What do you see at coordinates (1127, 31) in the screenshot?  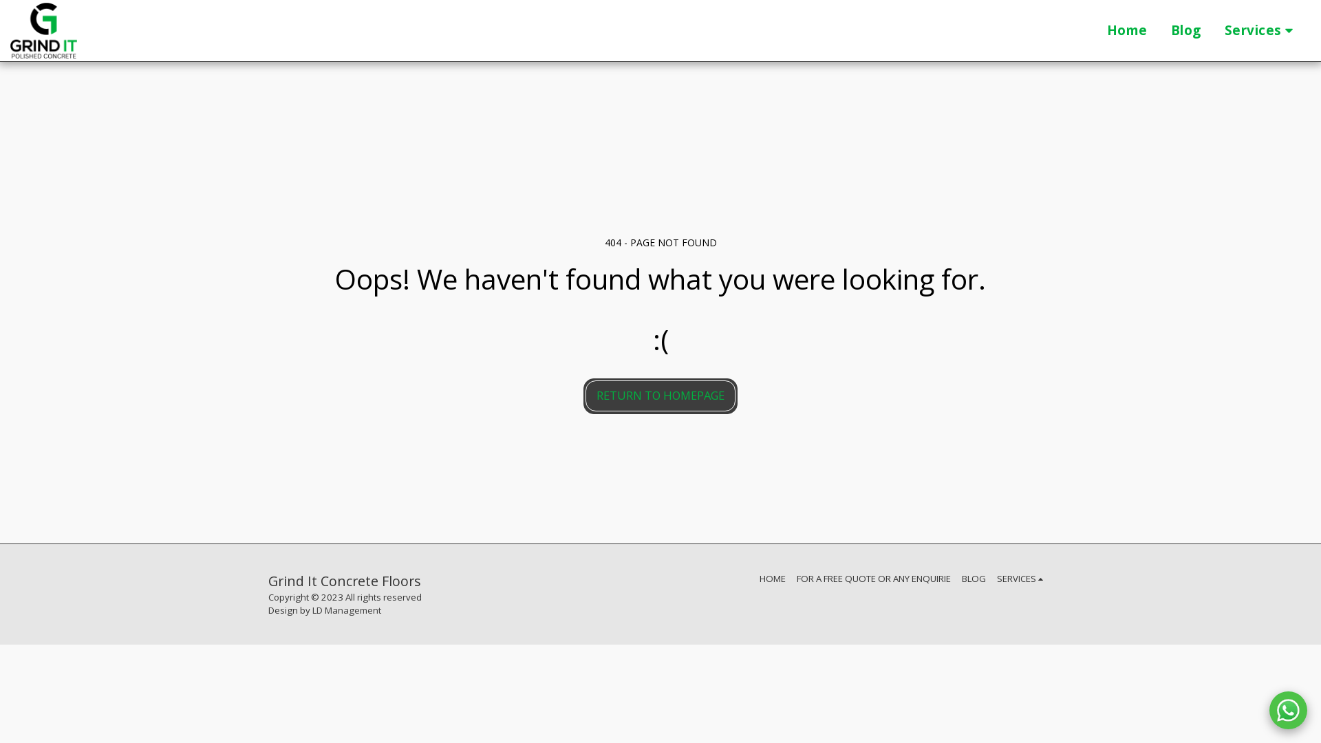 I see `'Home'` at bounding box center [1127, 31].